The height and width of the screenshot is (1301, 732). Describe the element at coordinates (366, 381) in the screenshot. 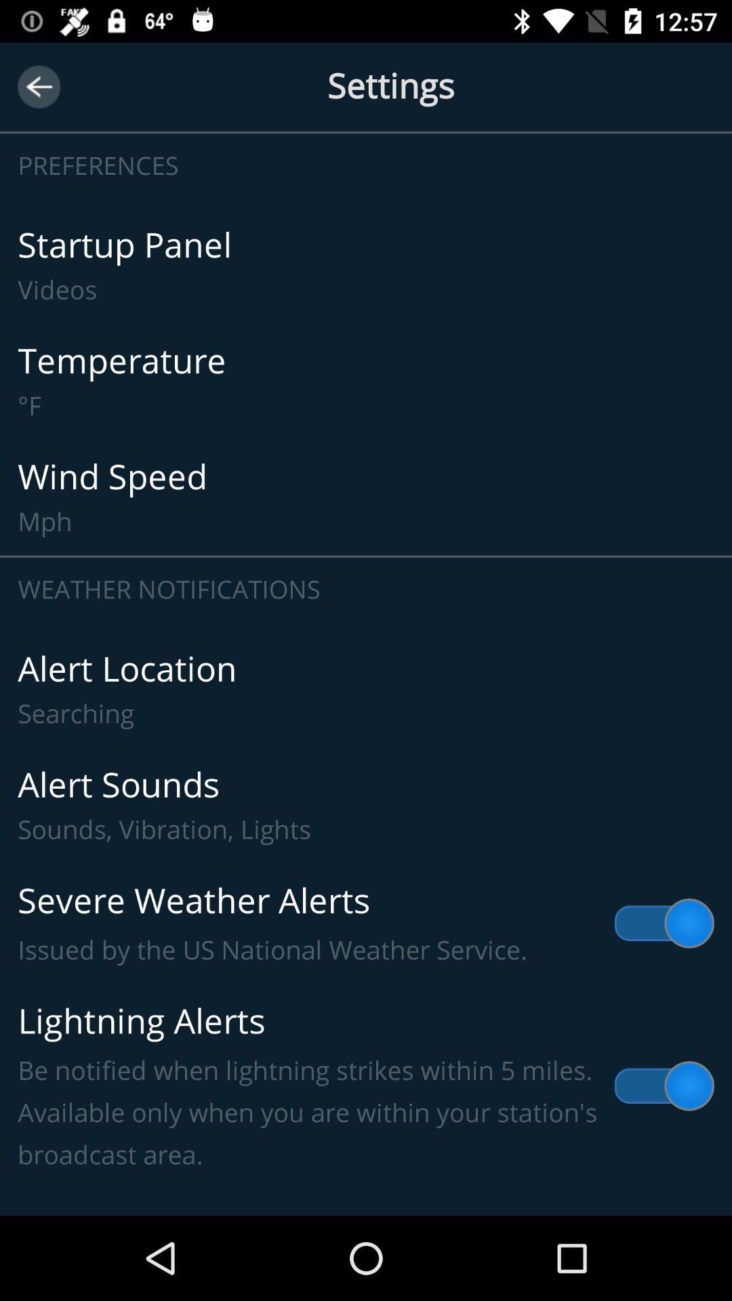

I see `the icon below the startup panel` at that location.